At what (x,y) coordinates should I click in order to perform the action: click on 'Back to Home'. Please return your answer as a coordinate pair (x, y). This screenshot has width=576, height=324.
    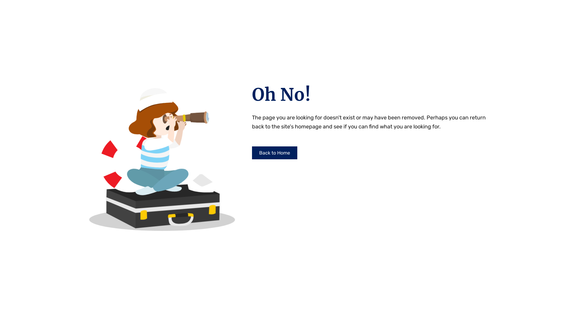
    Looking at the image, I should click on (274, 152).